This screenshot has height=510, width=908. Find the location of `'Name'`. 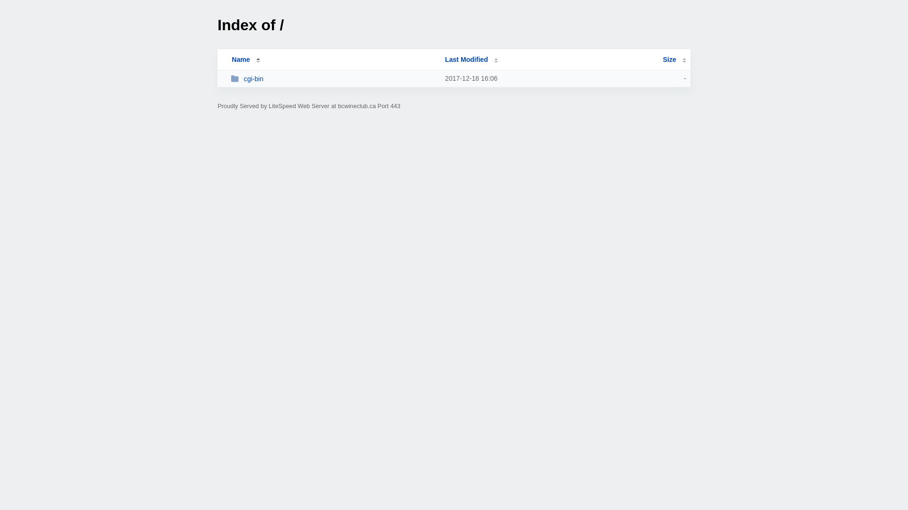

'Name' is located at coordinates (240, 59).